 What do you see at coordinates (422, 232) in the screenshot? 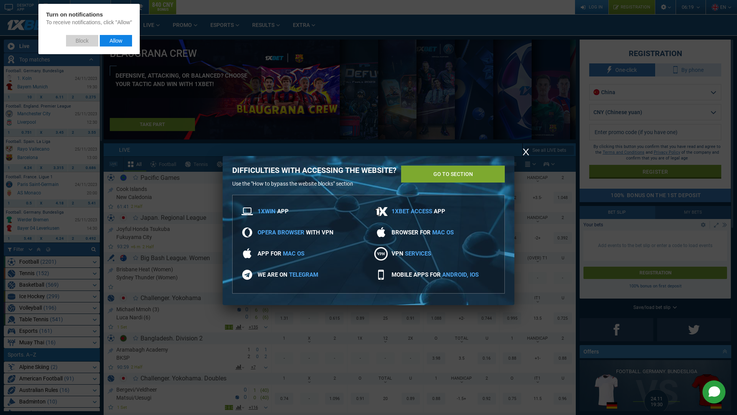
I see `'BROWSER FOR MAC OS'` at bounding box center [422, 232].